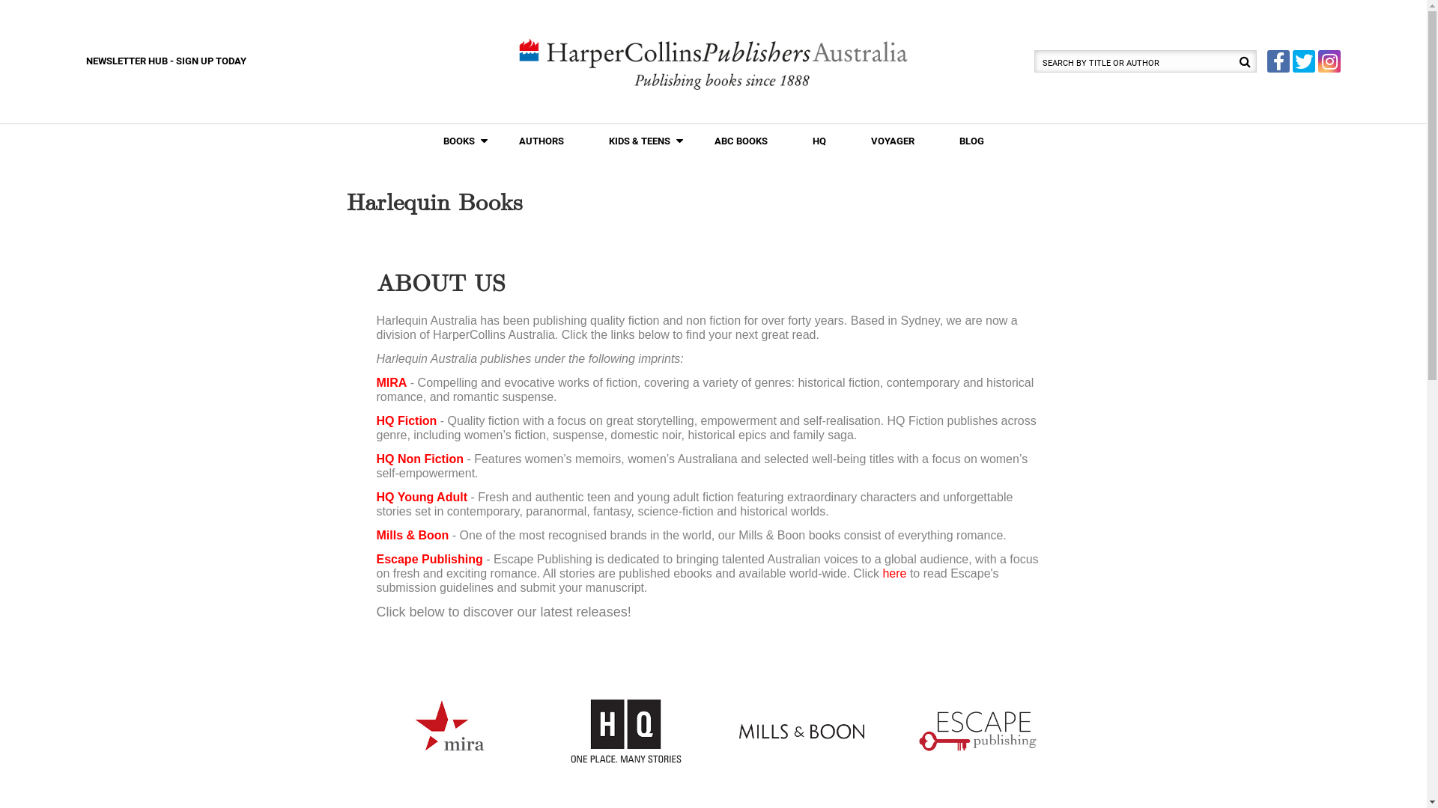 The image size is (1438, 808). Describe the element at coordinates (539, 141) in the screenshot. I see `'AUTHORS'` at that location.